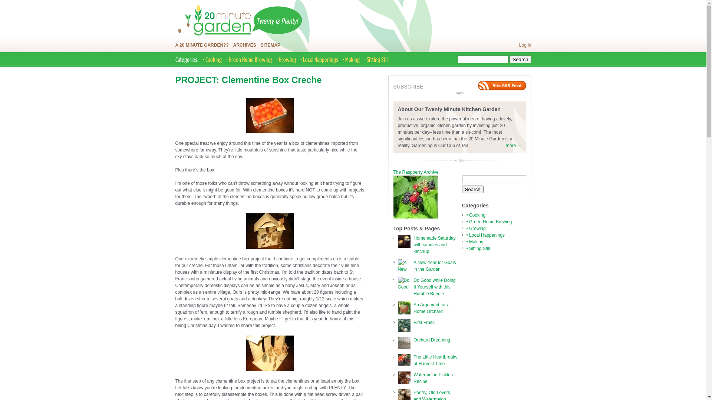 This screenshot has width=712, height=400. What do you see at coordinates (502, 85) in the screenshot?
I see `'RSS 2.0 feed for posts'` at bounding box center [502, 85].